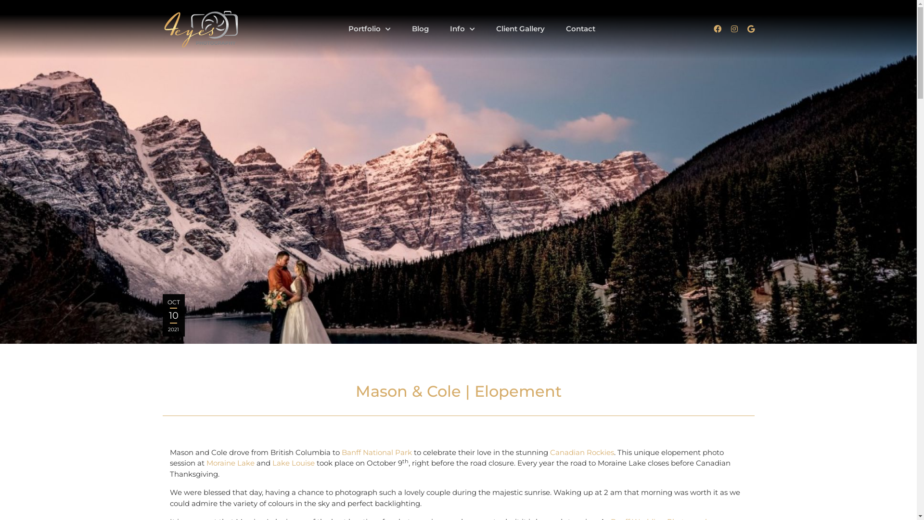 Image resolution: width=924 pixels, height=520 pixels. I want to click on 'Canadian Rockies', so click(581, 452).